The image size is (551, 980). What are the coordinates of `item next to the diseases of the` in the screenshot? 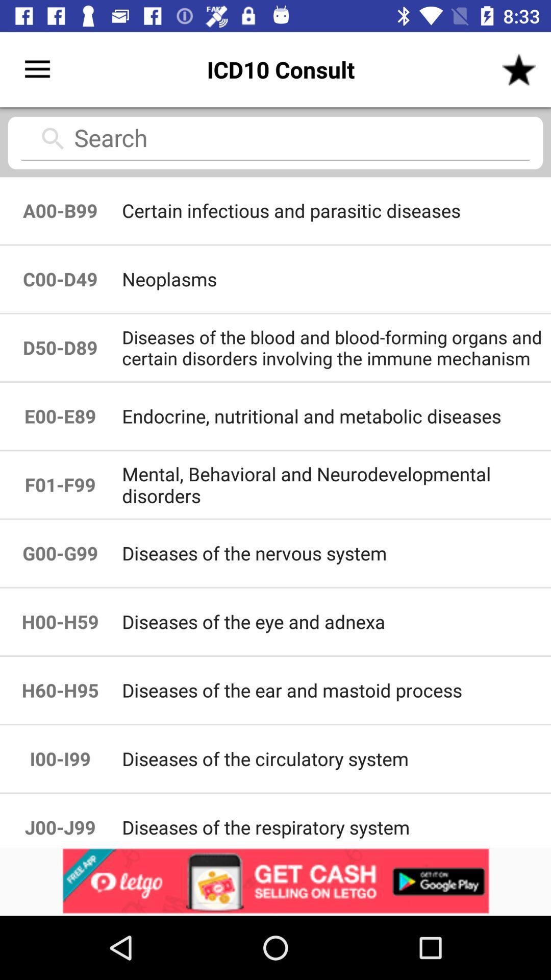 It's located at (60, 416).